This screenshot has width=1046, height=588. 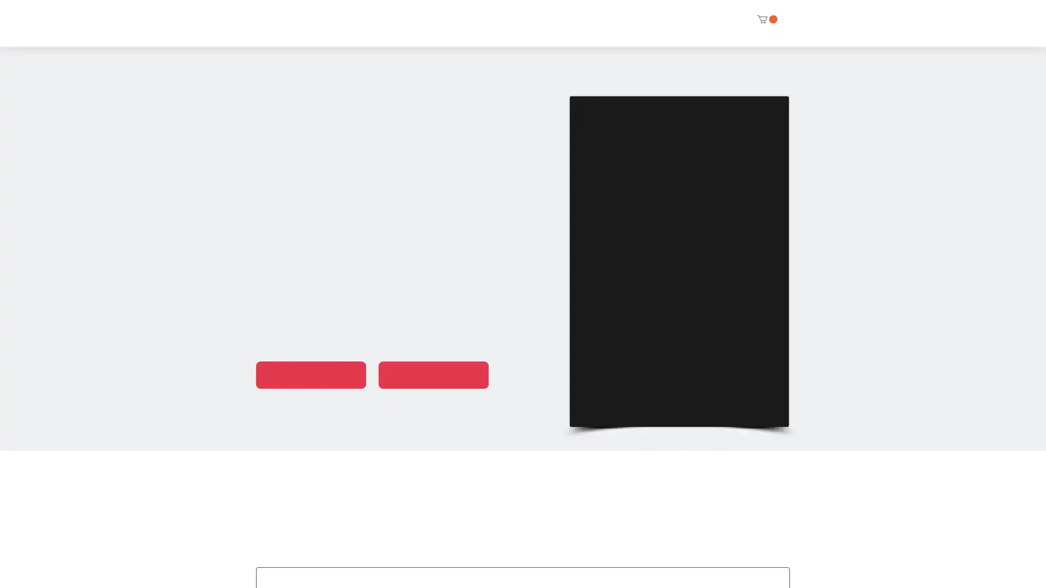 What do you see at coordinates (767, 19) in the screenshot?
I see `Cart with 0 items` at bounding box center [767, 19].